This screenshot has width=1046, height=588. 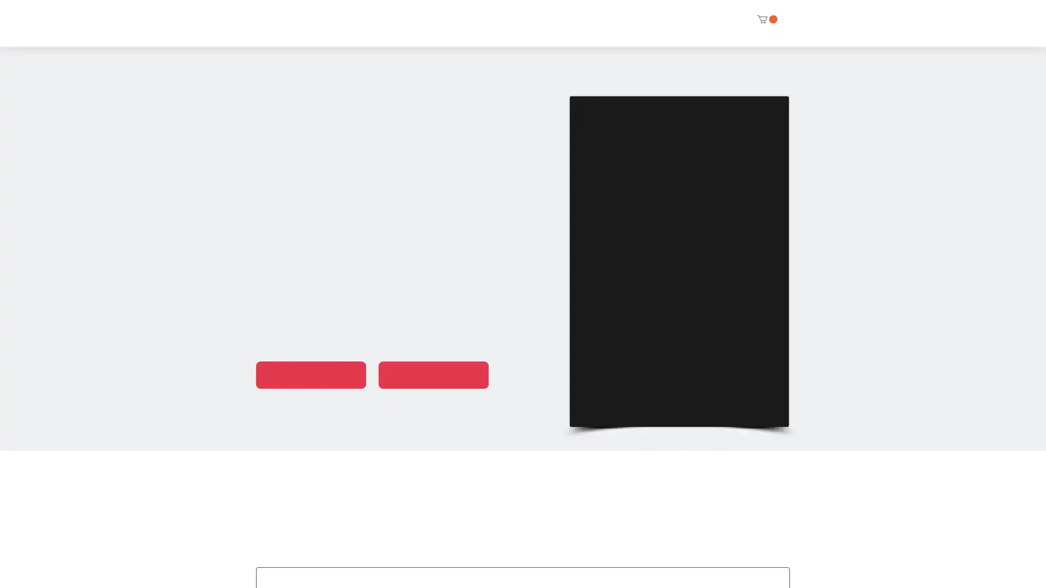 What do you see at coordinates (767, 19) in the screenshot?
I see `Cart with 0 items` at bounding box center [767, 19].